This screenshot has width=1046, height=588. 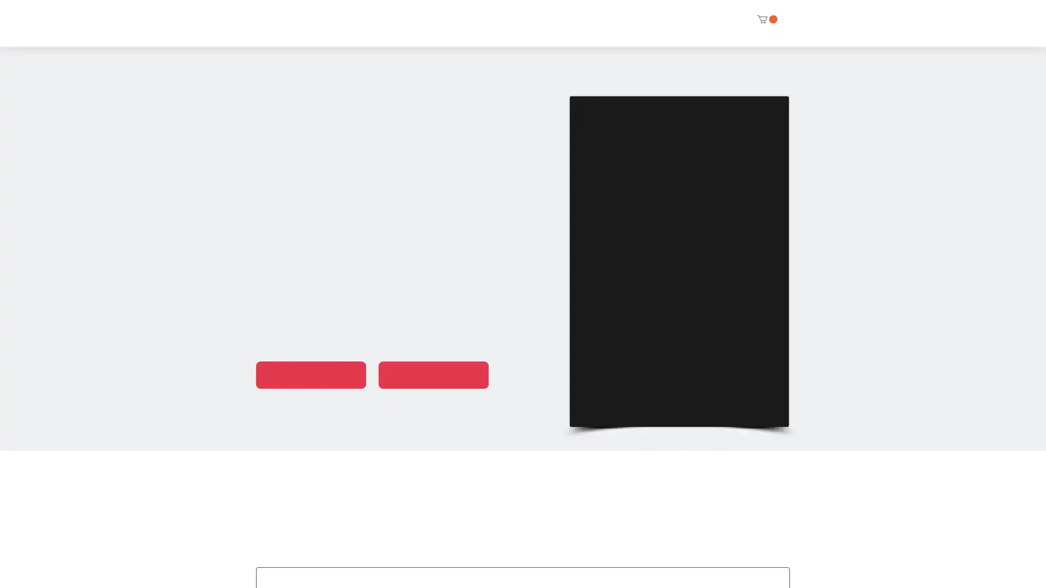 What do you see at coordinates (767, 19) in the screenshot?
I see `Cart with 0 items` at bounding box center [767, 19].